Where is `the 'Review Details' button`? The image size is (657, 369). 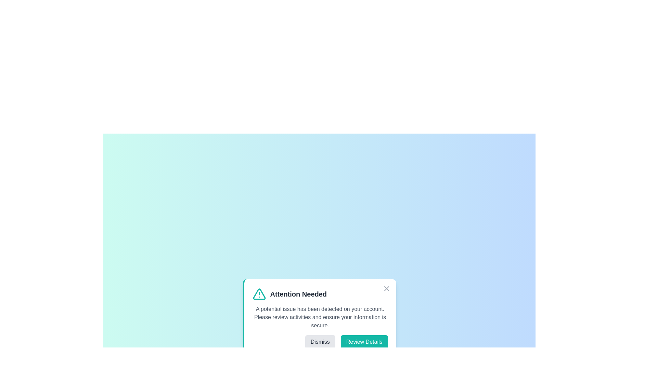 the 'Review Details' button is located at coordinates (364, 342).